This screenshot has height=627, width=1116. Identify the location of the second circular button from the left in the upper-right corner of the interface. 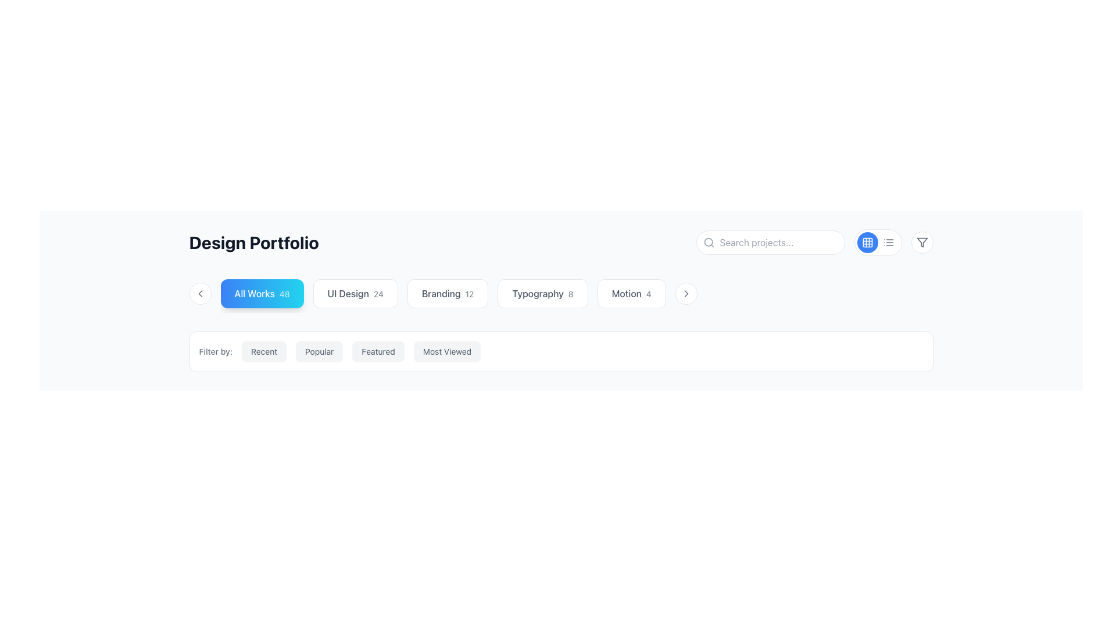
(888, 242).